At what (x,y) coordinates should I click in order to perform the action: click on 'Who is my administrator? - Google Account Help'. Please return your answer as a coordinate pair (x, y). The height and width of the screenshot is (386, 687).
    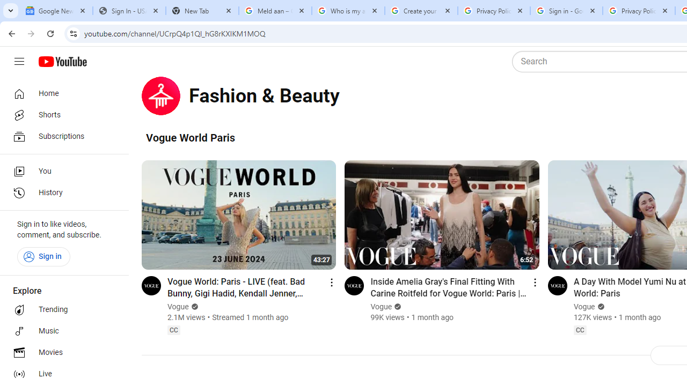
    Looking at the image, I should click on (348, 11).